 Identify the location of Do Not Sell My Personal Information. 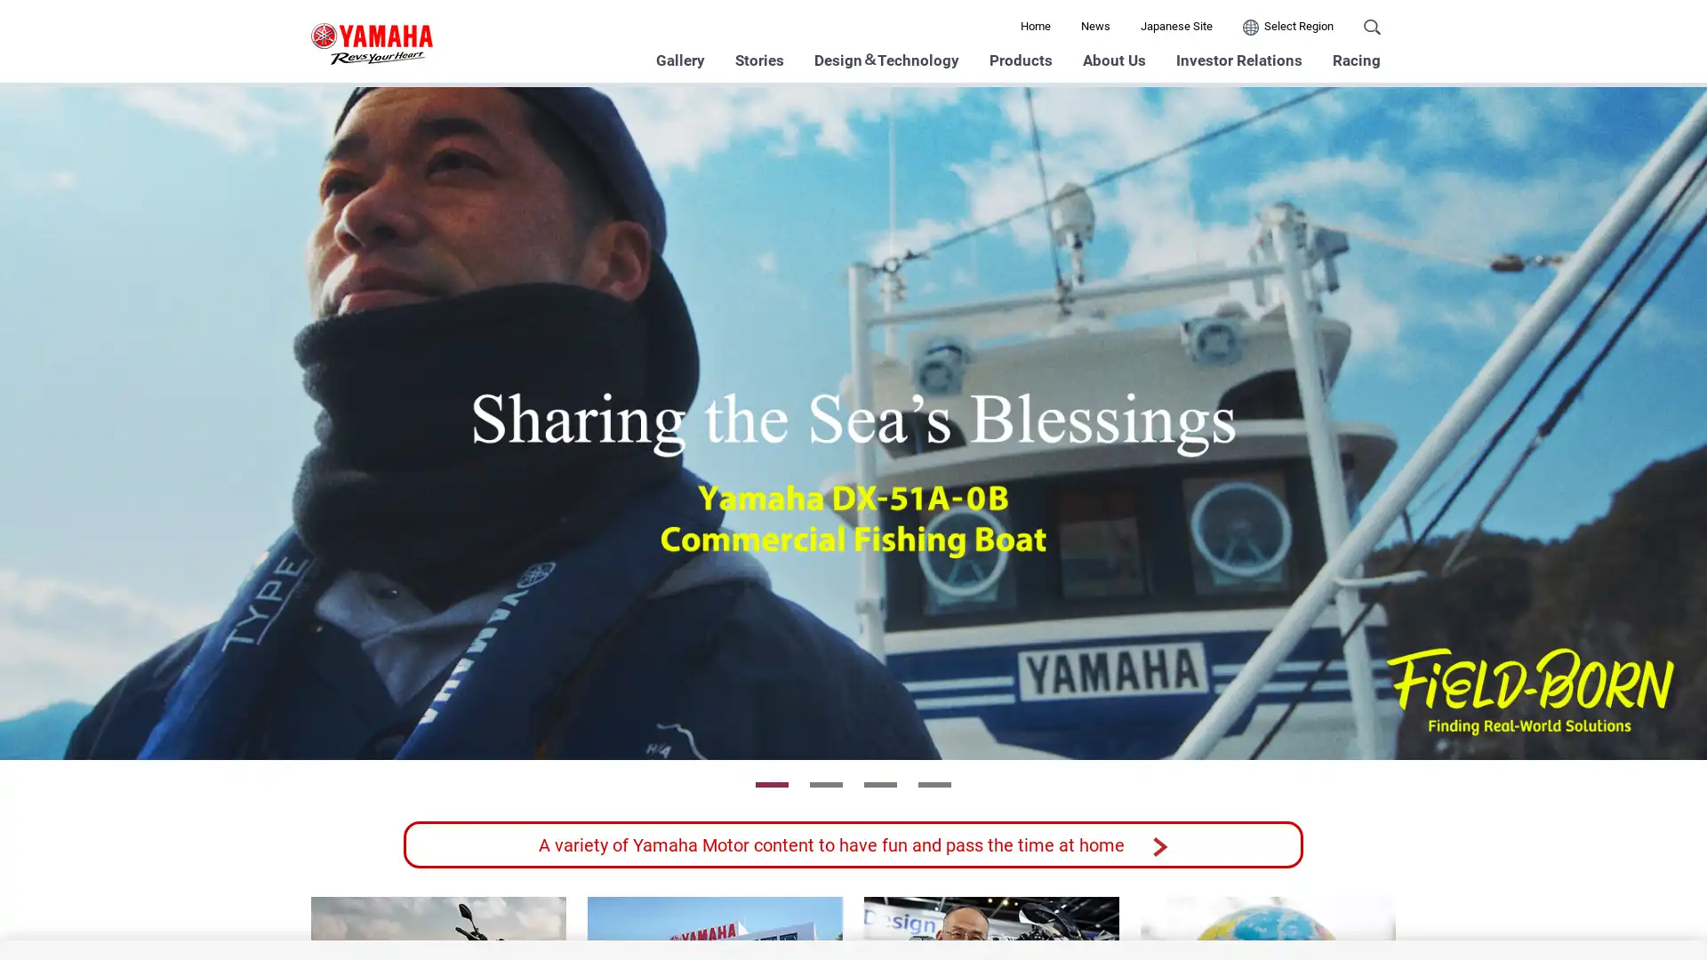
(1244, 907).